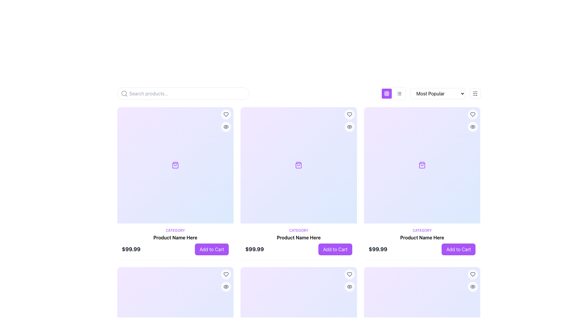 Image resolution: width=566 pixels, height=318 pixels. What do you see at coordinates (437, 93) in the screenshot?
I see `the 'Most Popular' dropdown menu element` at bounding box center [437, 93].